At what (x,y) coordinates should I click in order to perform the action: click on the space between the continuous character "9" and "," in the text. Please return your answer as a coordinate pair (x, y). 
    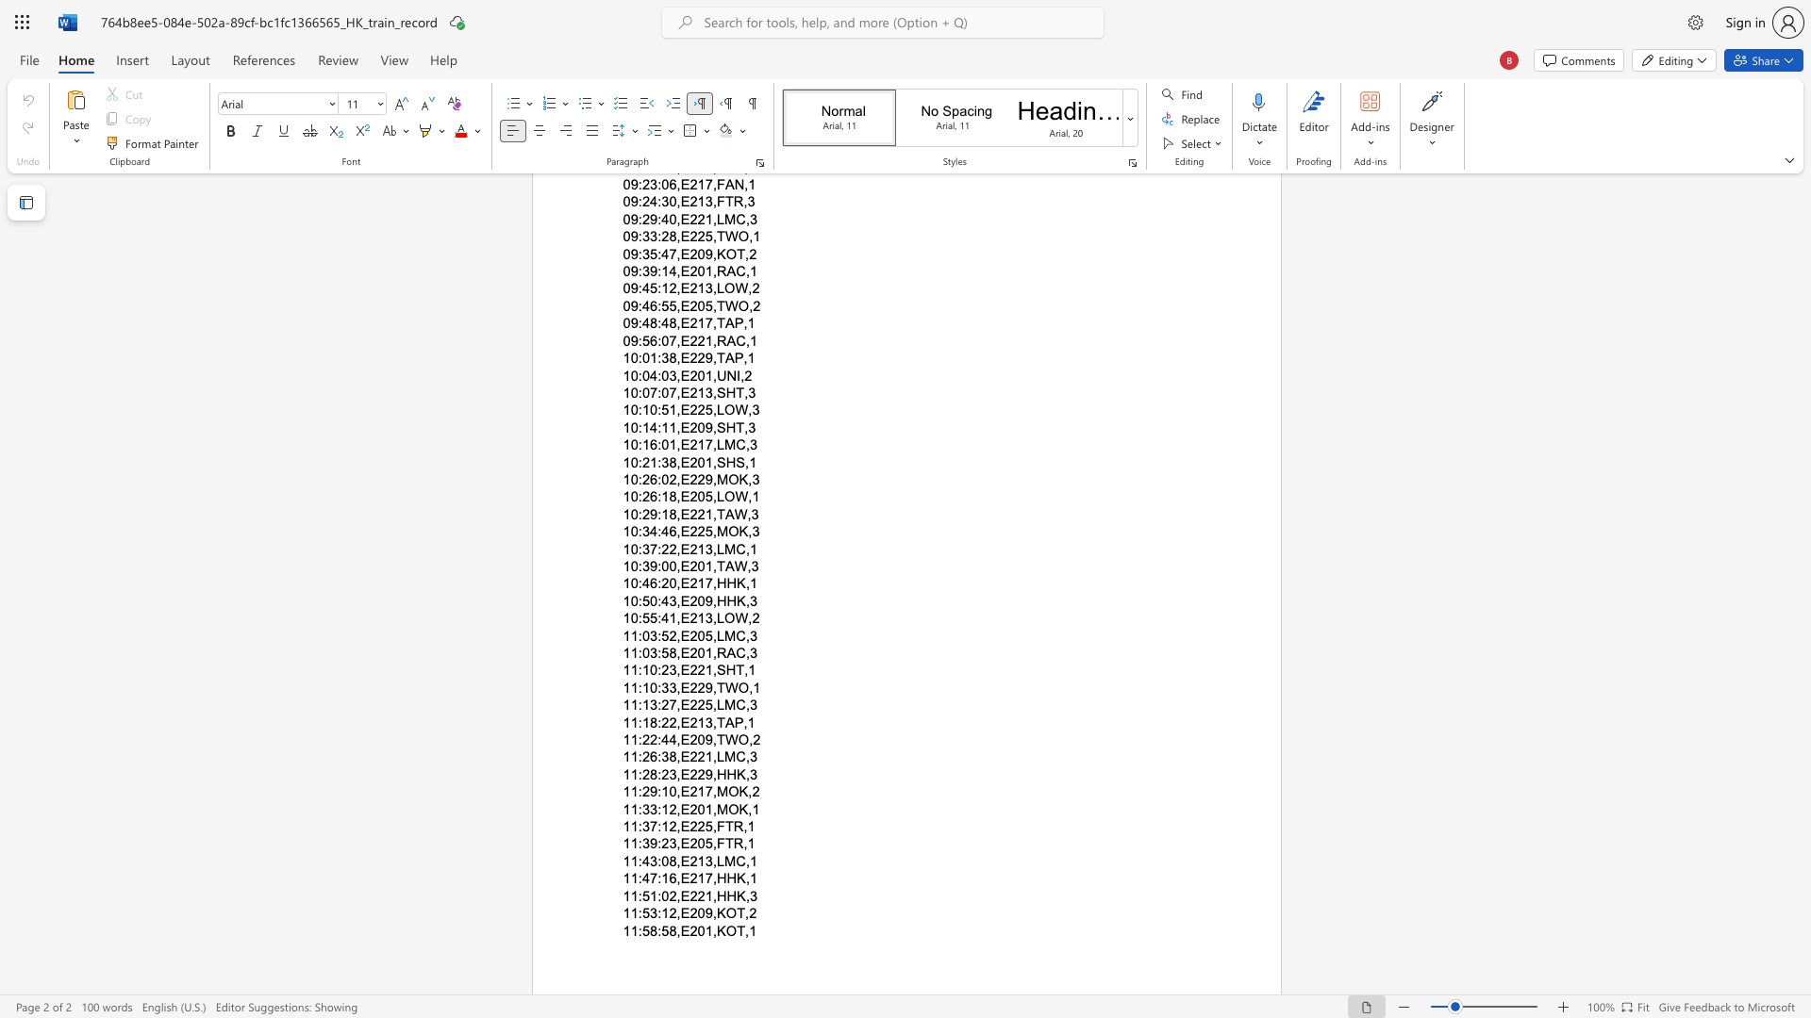
    Looking at the image, I should click on (710, 774).